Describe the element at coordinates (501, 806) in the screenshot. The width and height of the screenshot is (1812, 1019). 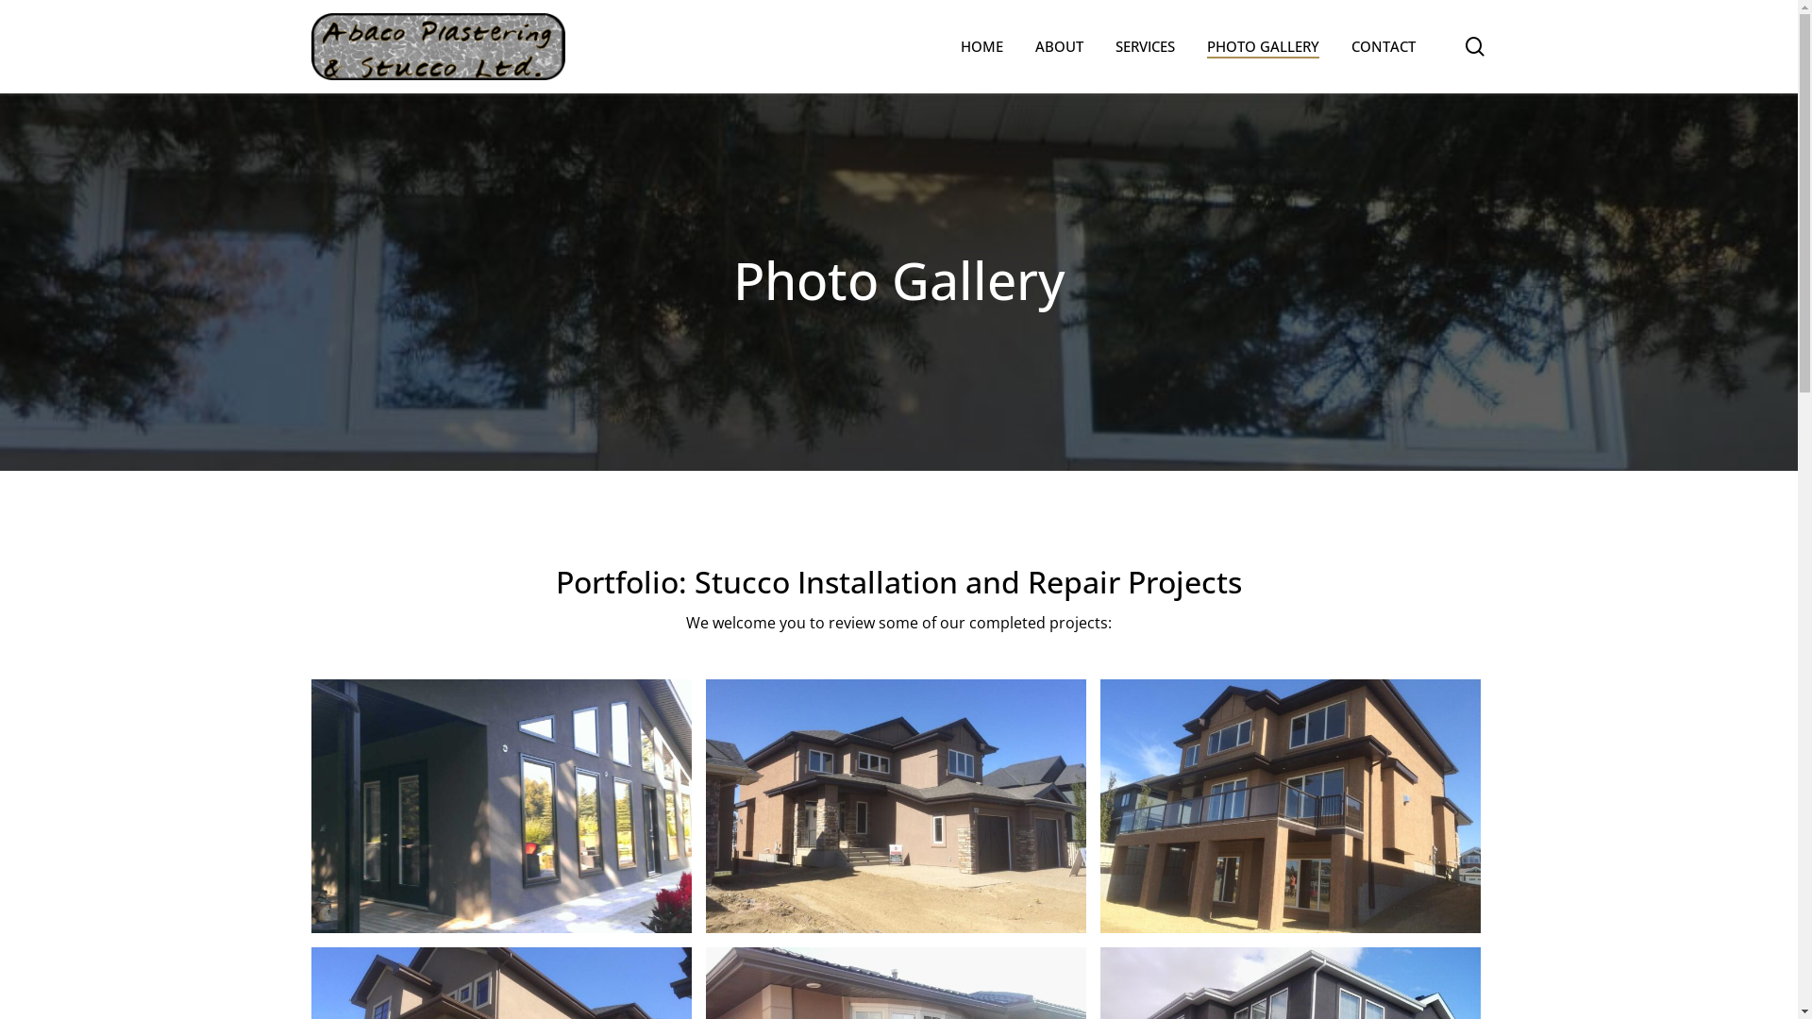
I see `'1 (1)'` at that location.